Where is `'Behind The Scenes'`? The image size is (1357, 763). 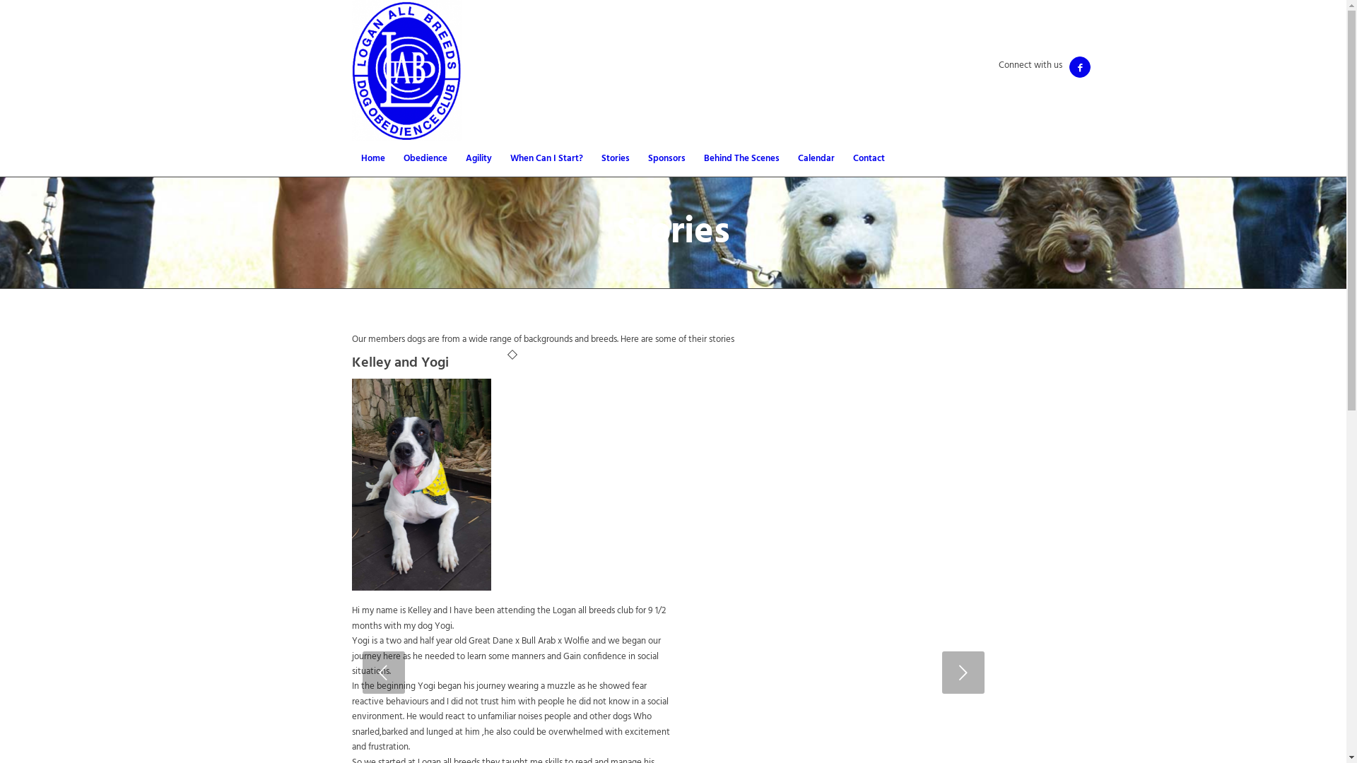
'Behind The Scenes' is located at coordinates (740, 158).